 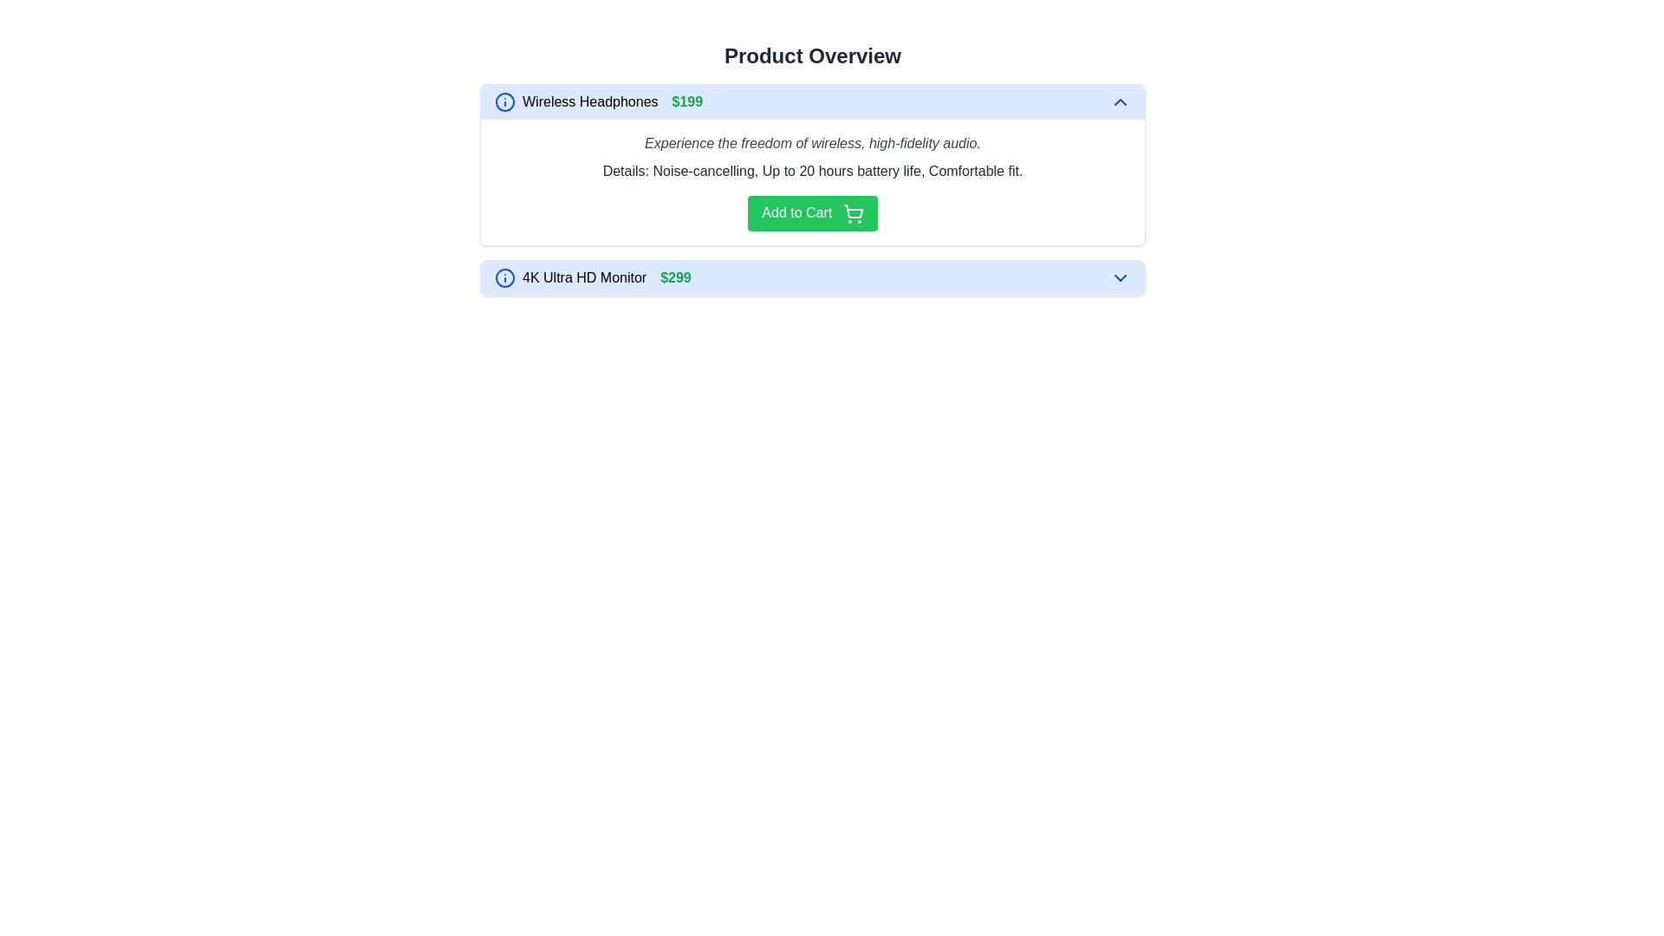 I want to click on the details of the 'Wireless Headphones' product information card using the keyboard, focusing on the green 'Add to Cart' button prominently displayed in the center, so click(x=811, y=190).